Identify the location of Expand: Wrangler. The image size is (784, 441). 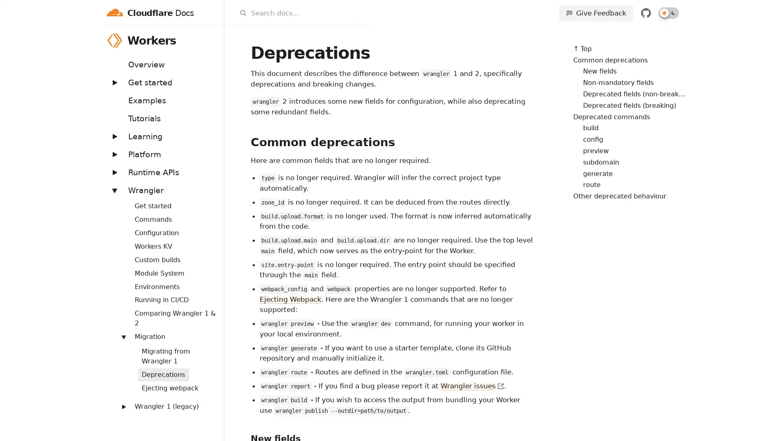
(114, 190).